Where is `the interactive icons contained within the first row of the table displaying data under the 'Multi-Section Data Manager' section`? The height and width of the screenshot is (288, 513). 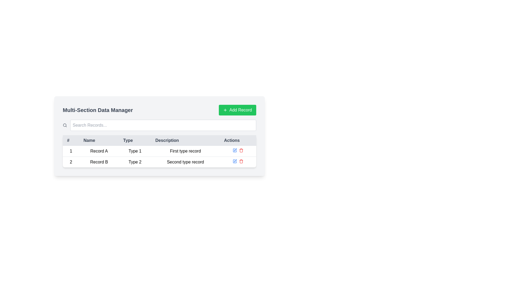
the interactive icons contained within the first row of the table displaying data under the 'Multi-Section Data Manager' section is located at coordinates (159, 156).